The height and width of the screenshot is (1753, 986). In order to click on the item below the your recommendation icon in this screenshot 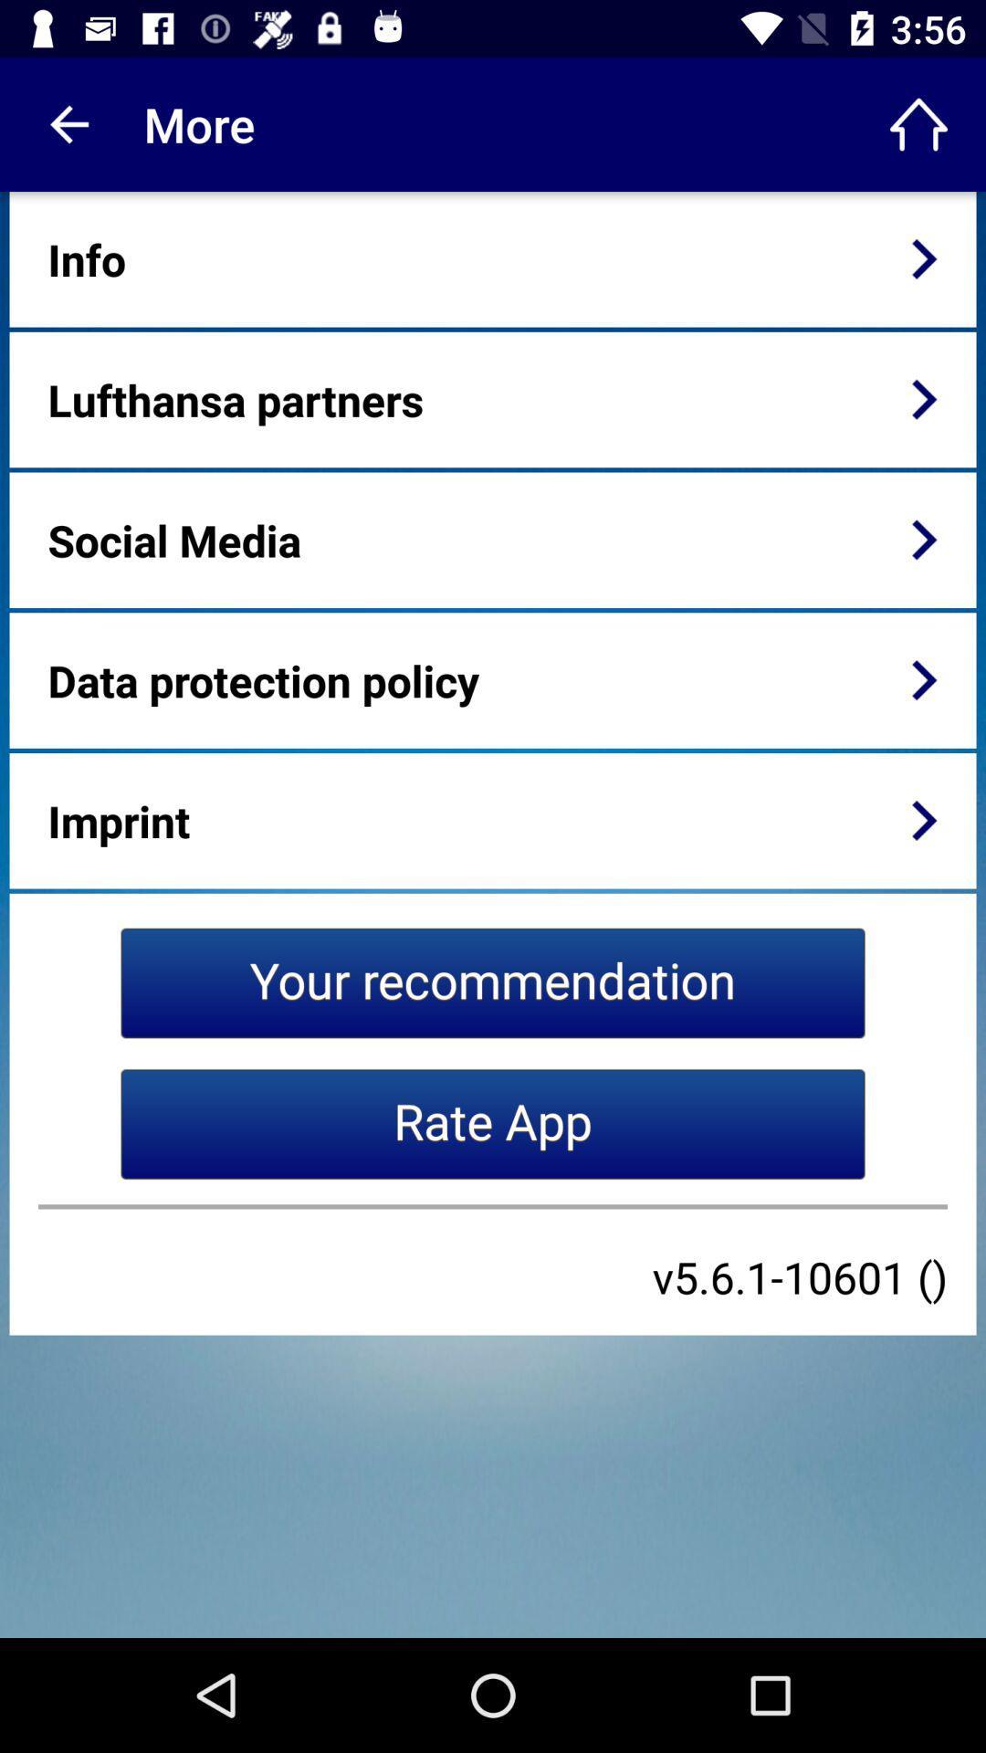, I will do `click(493, 1123)`.